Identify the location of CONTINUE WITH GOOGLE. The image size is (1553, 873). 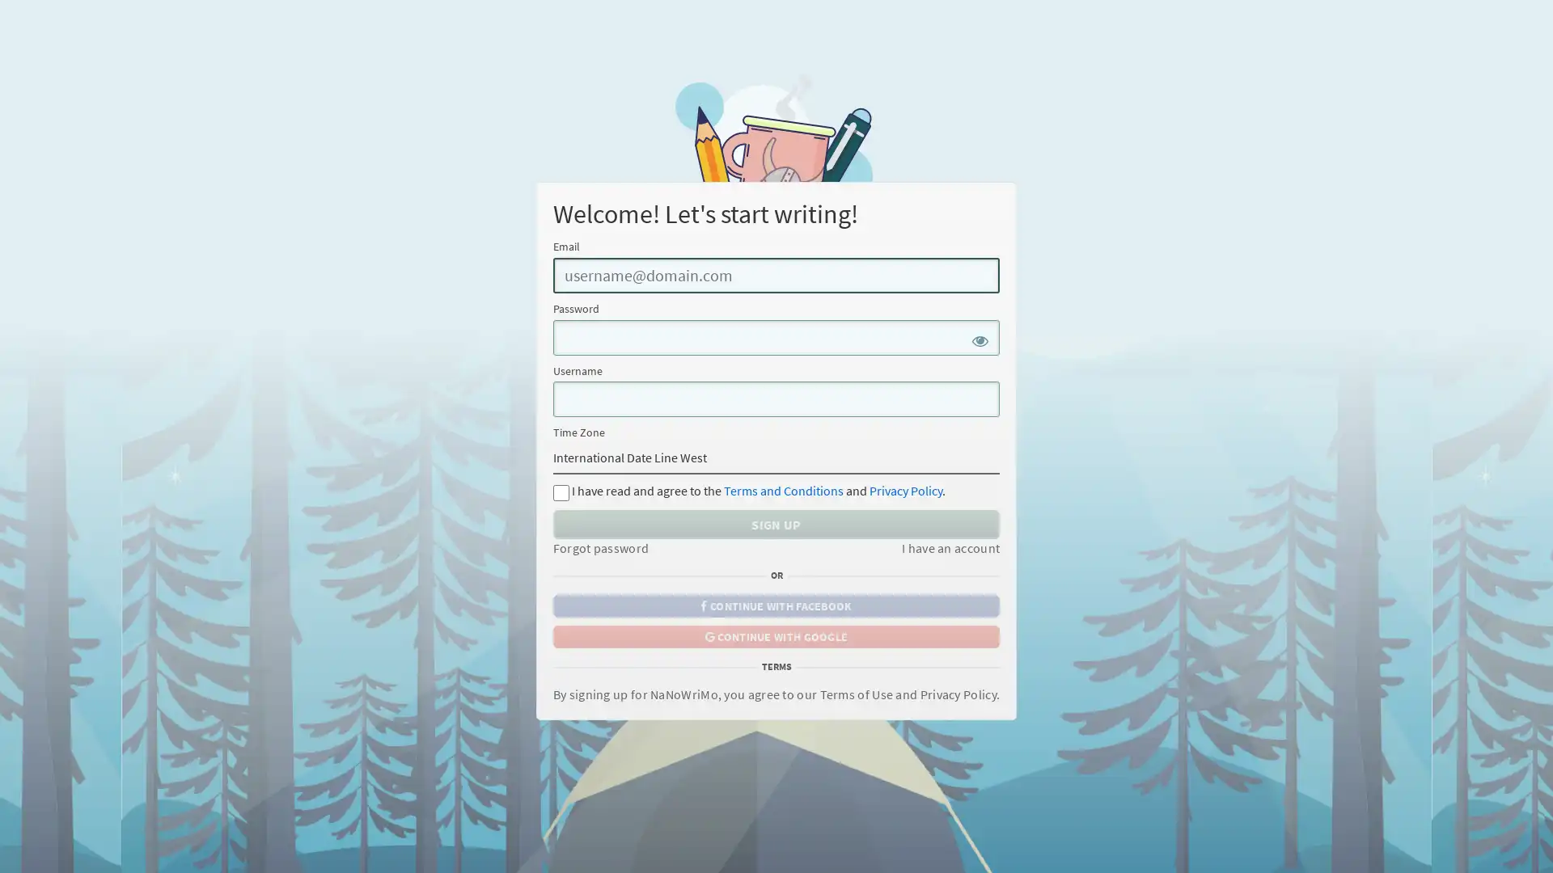
(775, 635).